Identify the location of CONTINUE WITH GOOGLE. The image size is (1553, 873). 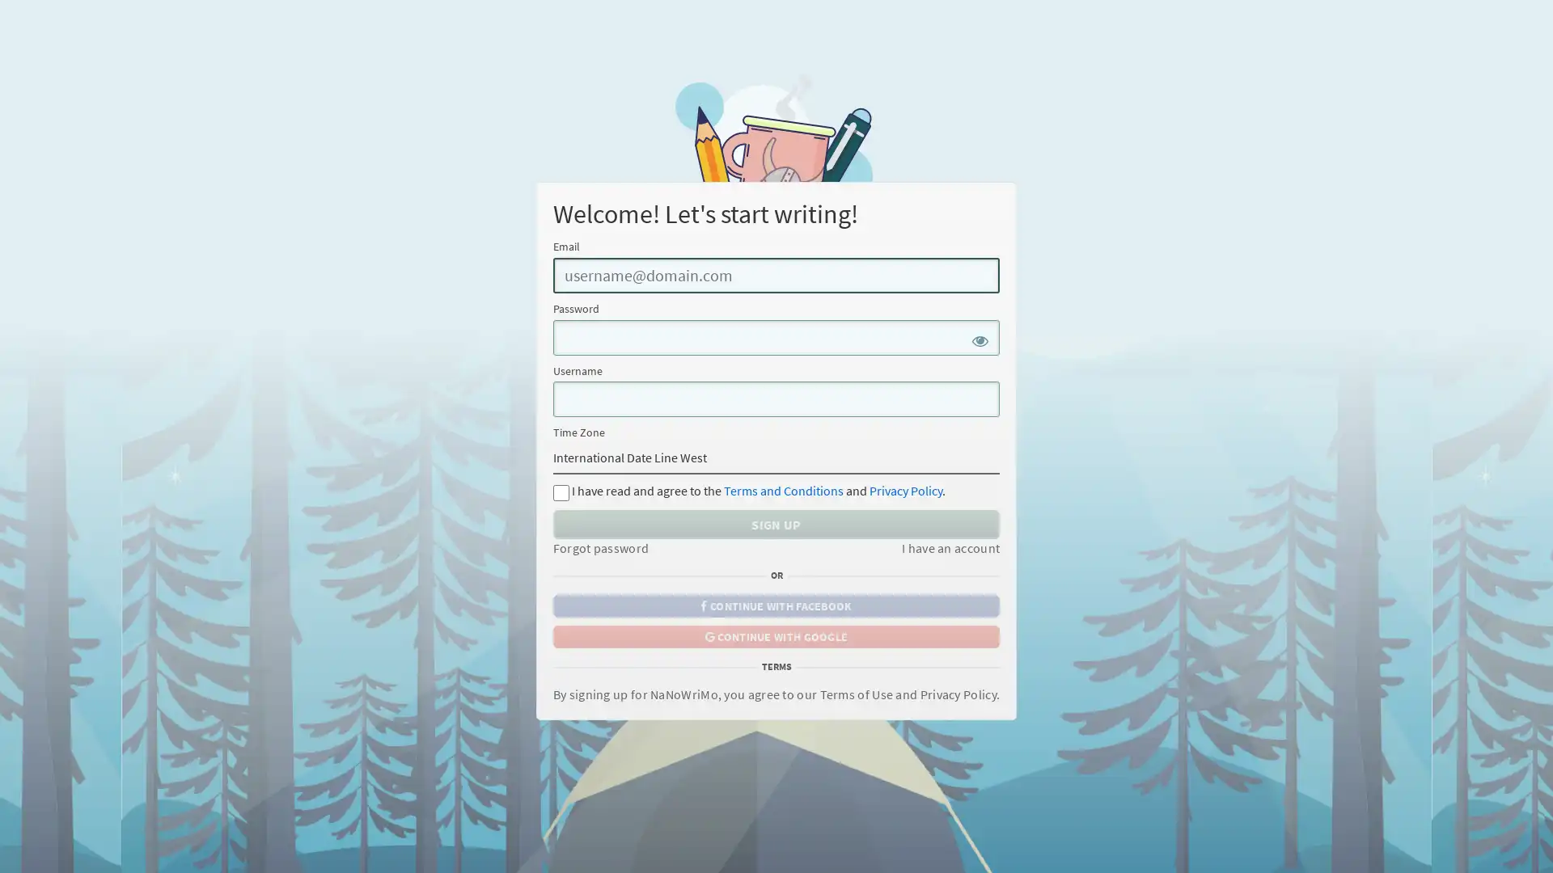
(775, 635).